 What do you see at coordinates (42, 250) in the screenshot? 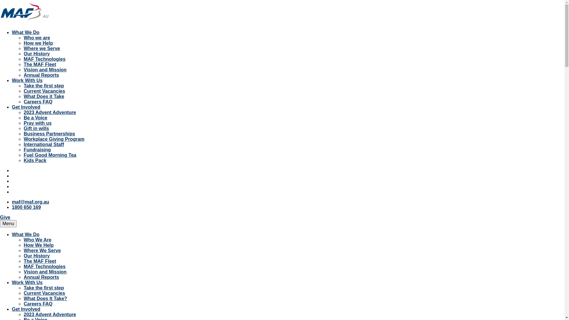
I see `'Where We Serve'` at bounding box center [42, 250].